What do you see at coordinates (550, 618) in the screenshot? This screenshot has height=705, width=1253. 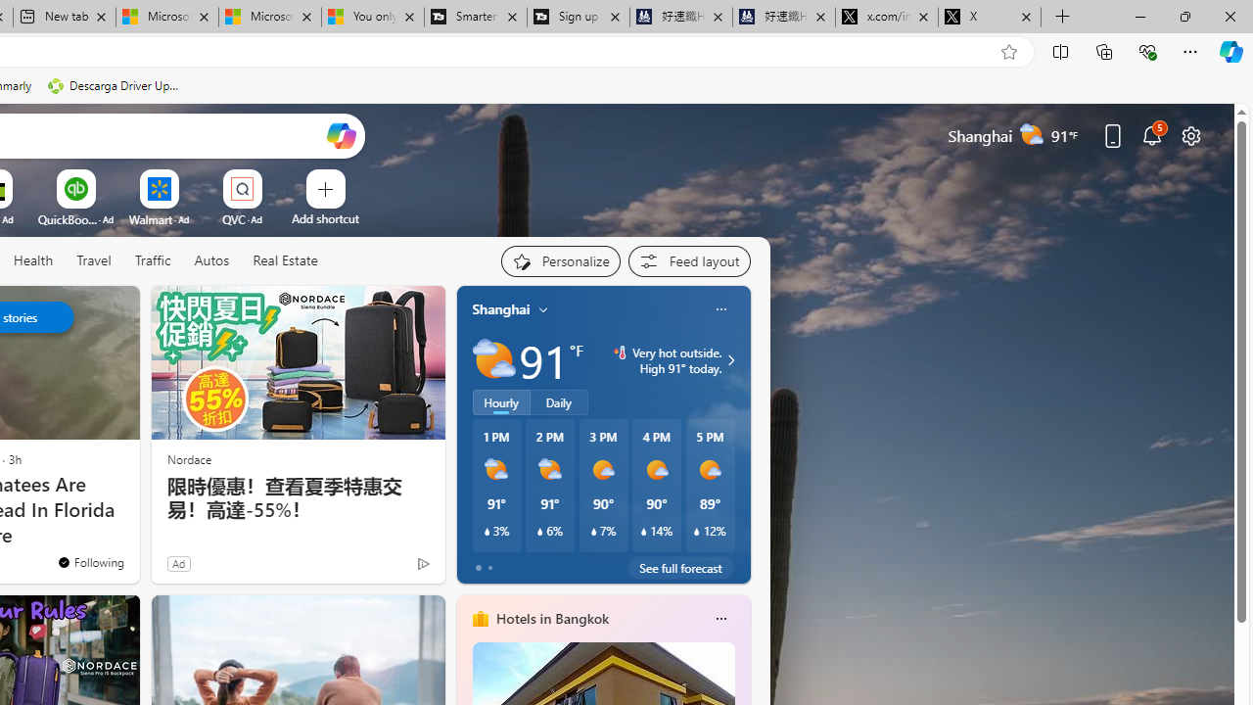 I see `'Hotels in Bangkok'` at bounding box center [550, 618].